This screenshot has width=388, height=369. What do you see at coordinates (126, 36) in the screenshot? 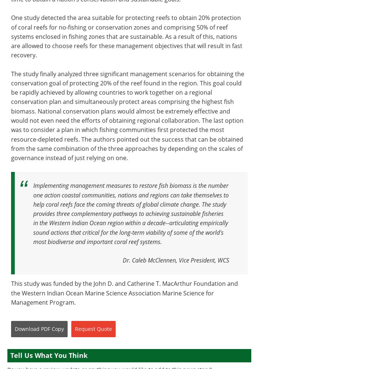
I see `'One study detected the area suitable for protecting reefs to obtain 20% protection of coral reefs for no-fishing or conservation zones and comprising 50% of reef systems enclosed in fishing zones that are sustainable. As a result of this, nations are allowed to choose reefs for these management objectives that will result in fast recovery.'` at bounding box center [126, 36].